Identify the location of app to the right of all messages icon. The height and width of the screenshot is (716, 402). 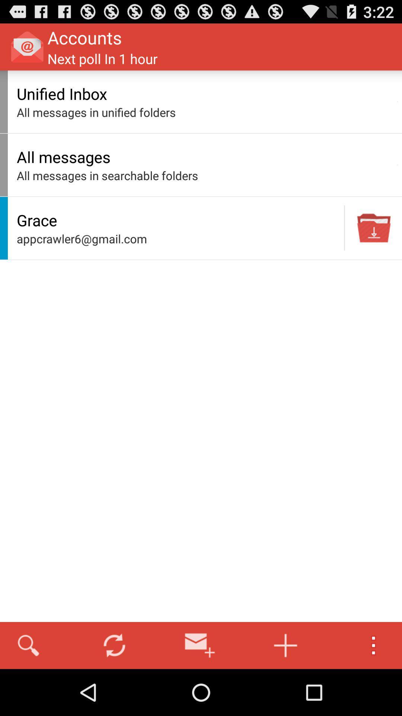
(397, 164).